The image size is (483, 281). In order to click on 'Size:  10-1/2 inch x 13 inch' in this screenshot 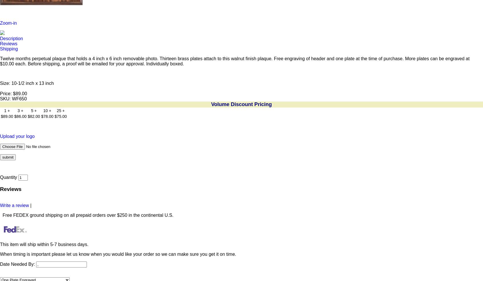, I will do `click(26, 83)`.